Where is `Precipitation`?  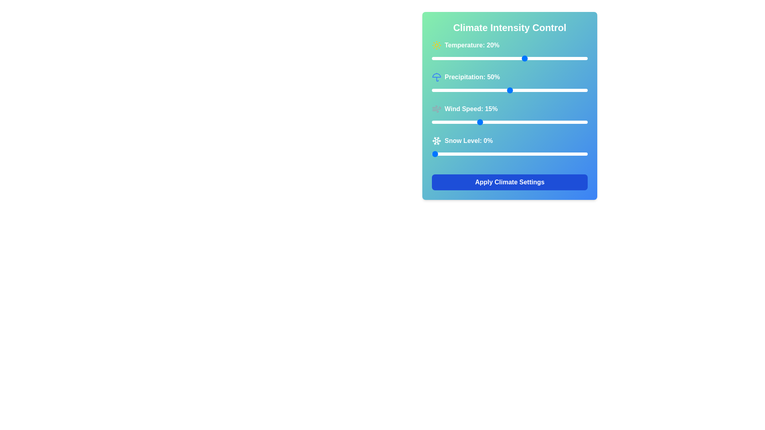
Precipitation is located at coordinates (444, 90).